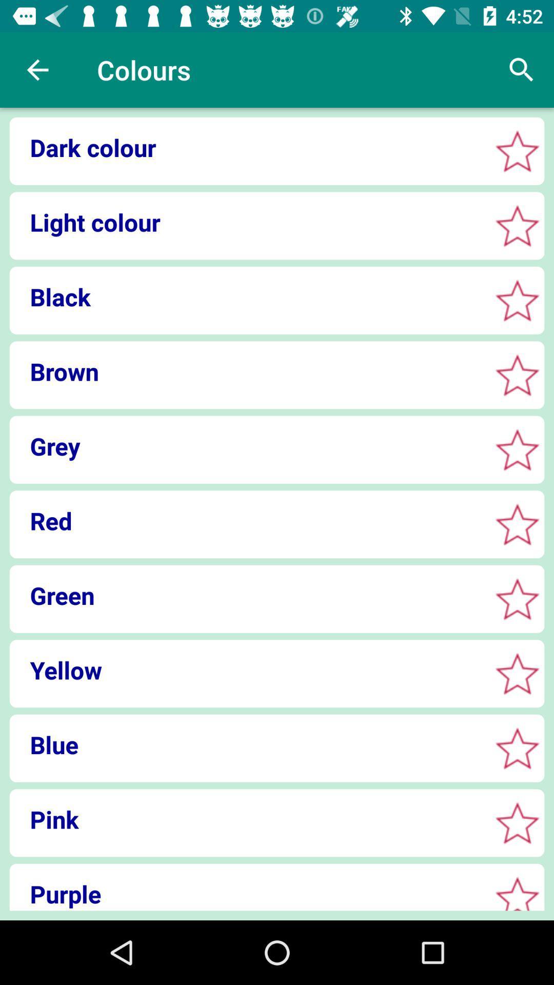 The height and width of the screenshot is (985, 554). What do you see at coordinates (517, 748) in the screenshot?
I see `a place to choose to give the color blue a gold star` at bounding box center [517, 748].